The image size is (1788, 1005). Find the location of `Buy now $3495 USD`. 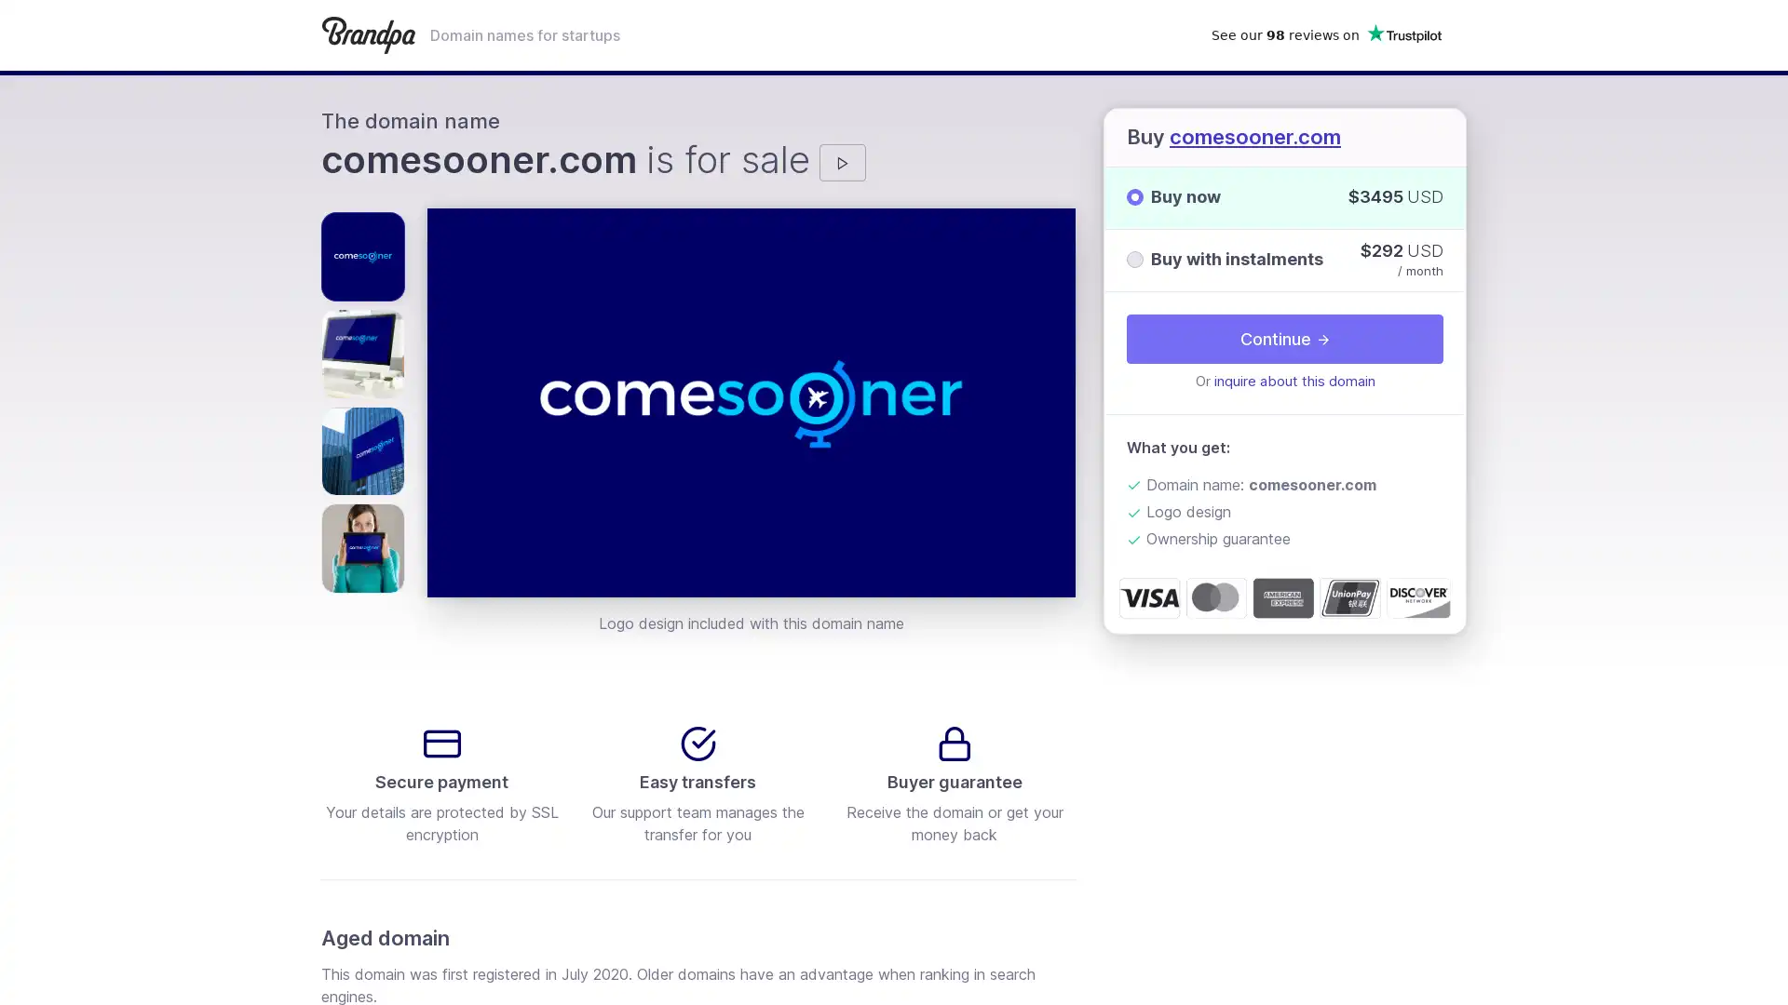

Buy now $3495 USD is located at coordinates (1284, 197).